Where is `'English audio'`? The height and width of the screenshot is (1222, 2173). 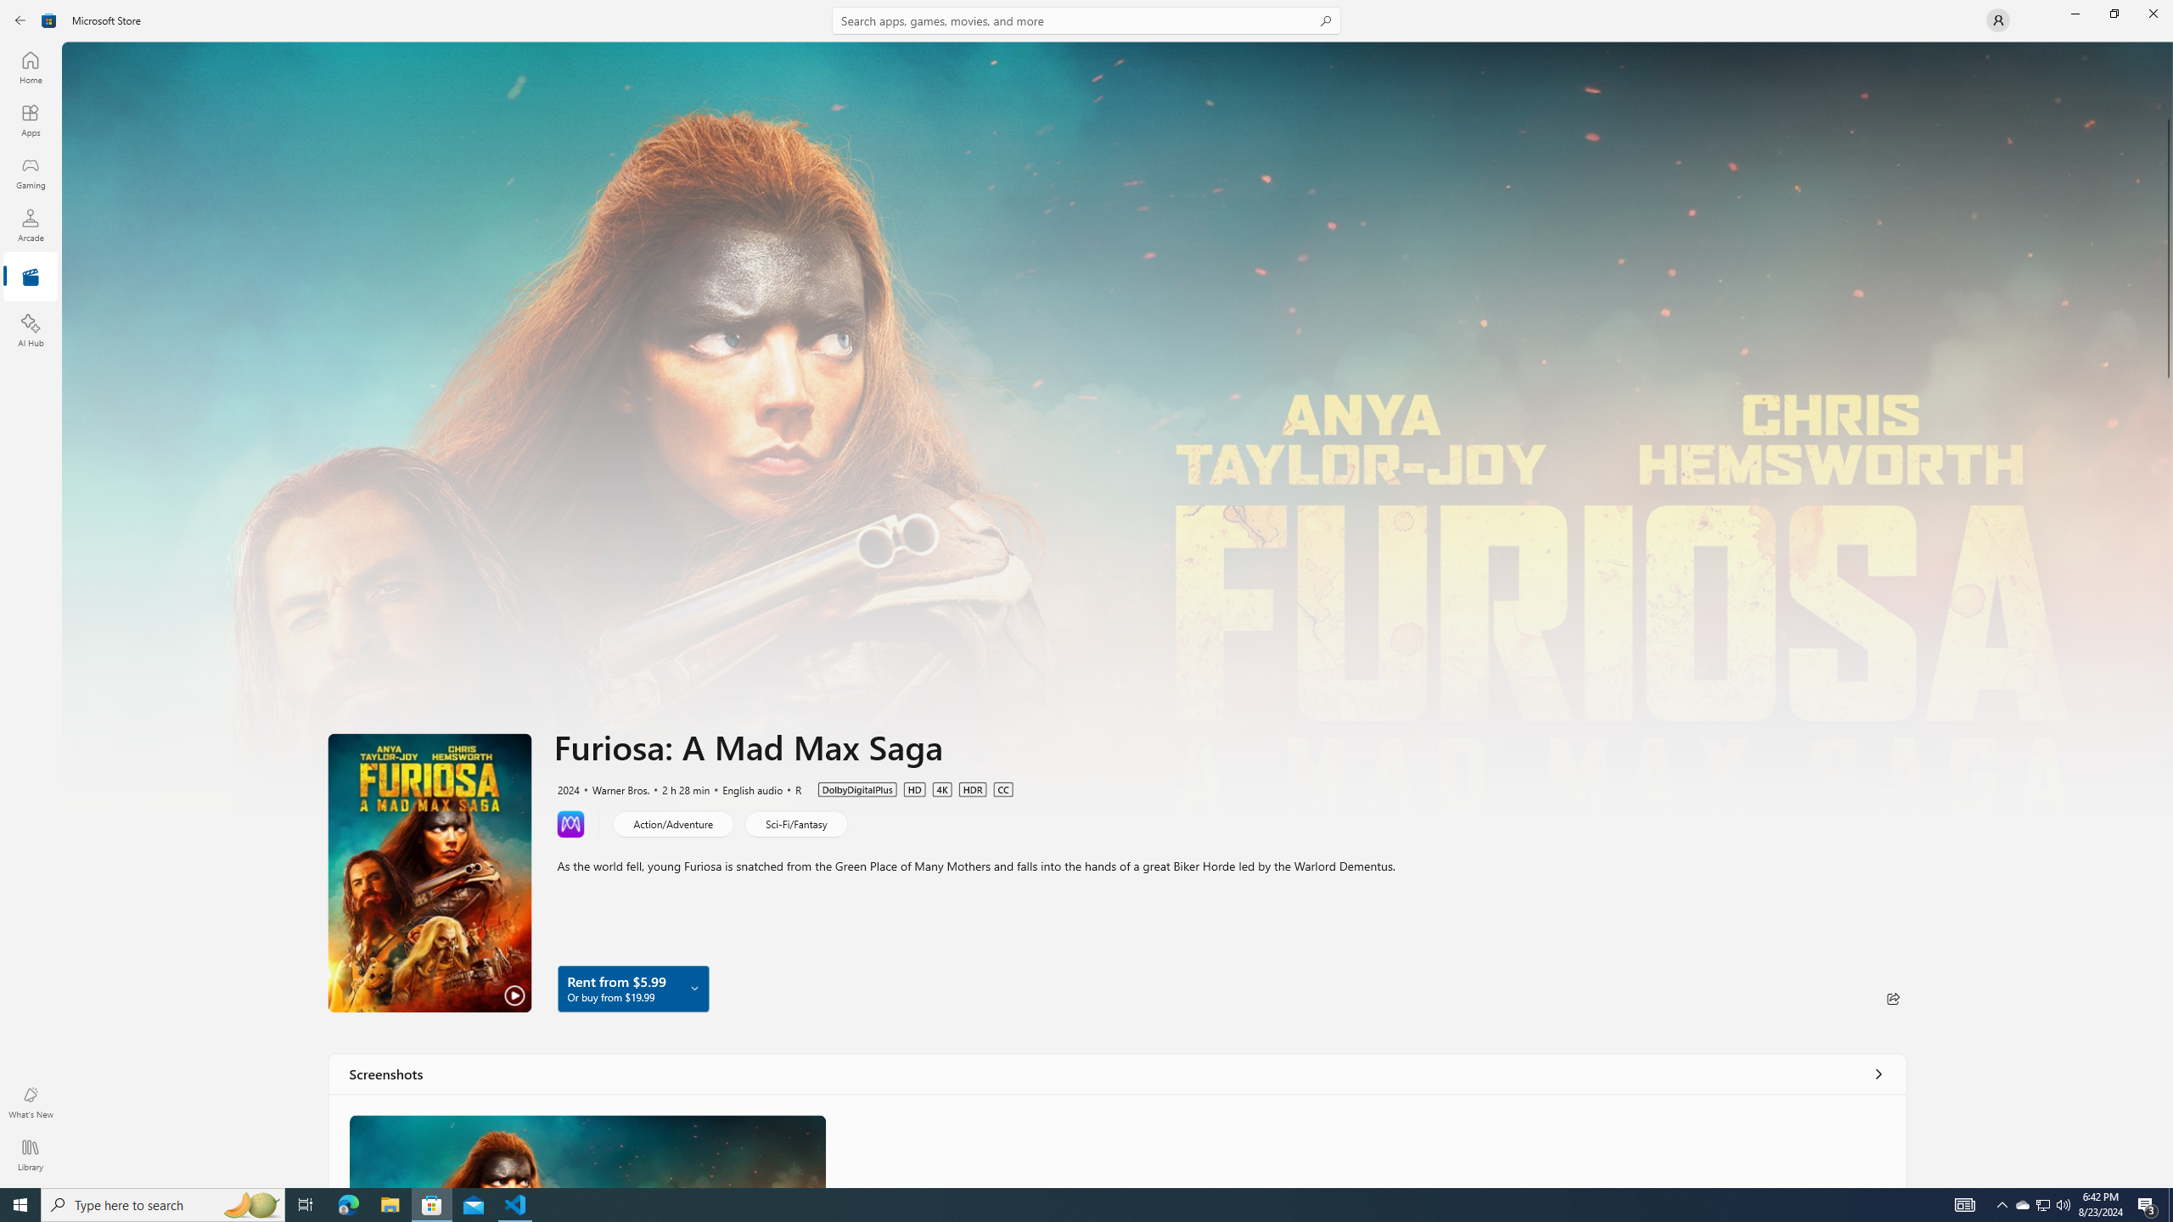
'English audio' is located at coordinates (744, 788).